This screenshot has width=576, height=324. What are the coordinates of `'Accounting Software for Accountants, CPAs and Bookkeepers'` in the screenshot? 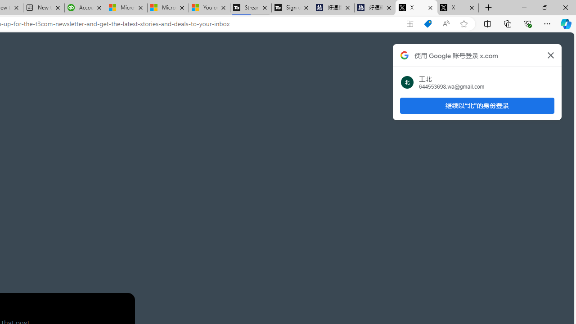 It's located at (85, 8).